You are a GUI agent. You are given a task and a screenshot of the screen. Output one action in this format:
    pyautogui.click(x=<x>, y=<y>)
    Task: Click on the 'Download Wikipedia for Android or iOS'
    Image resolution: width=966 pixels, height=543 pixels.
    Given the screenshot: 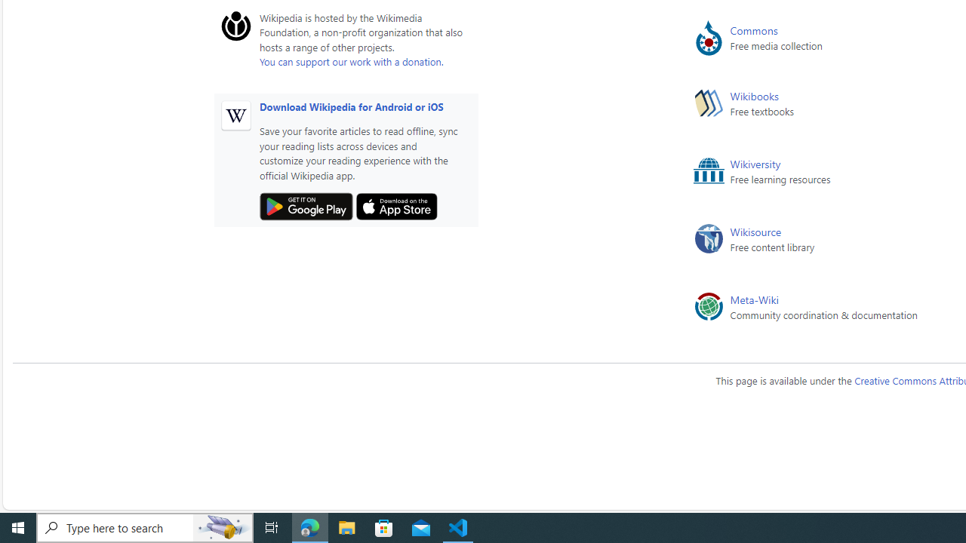 What is the action you would take?
    pyautogui.click(x=350, y=105)
    